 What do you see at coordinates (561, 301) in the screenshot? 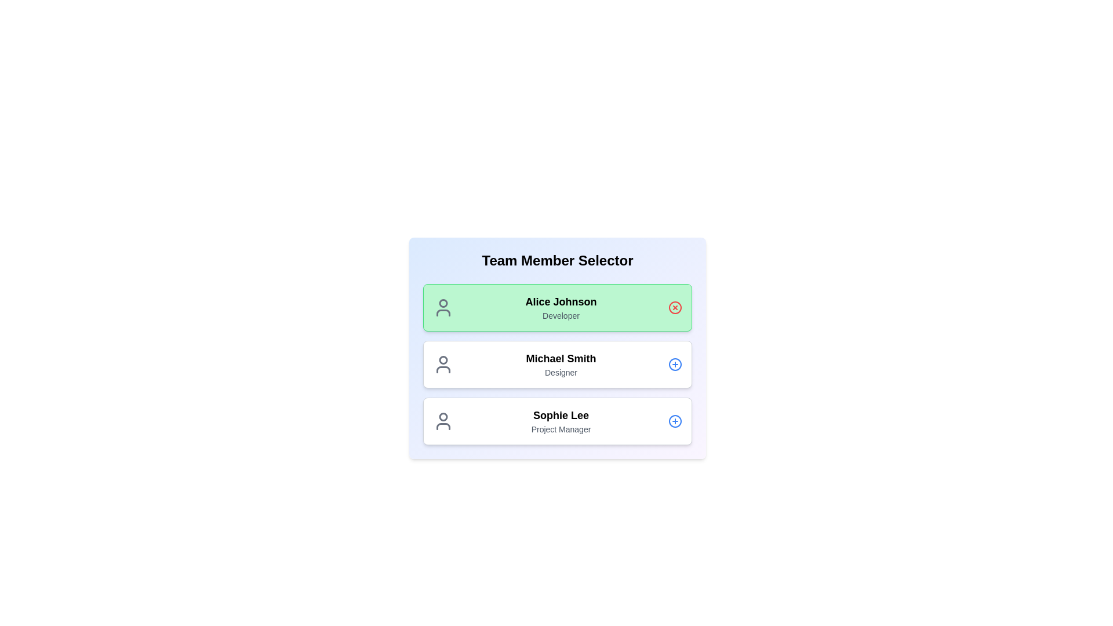
I see `the text of the team member's name or role to select it` at bounding box center [561, 301].